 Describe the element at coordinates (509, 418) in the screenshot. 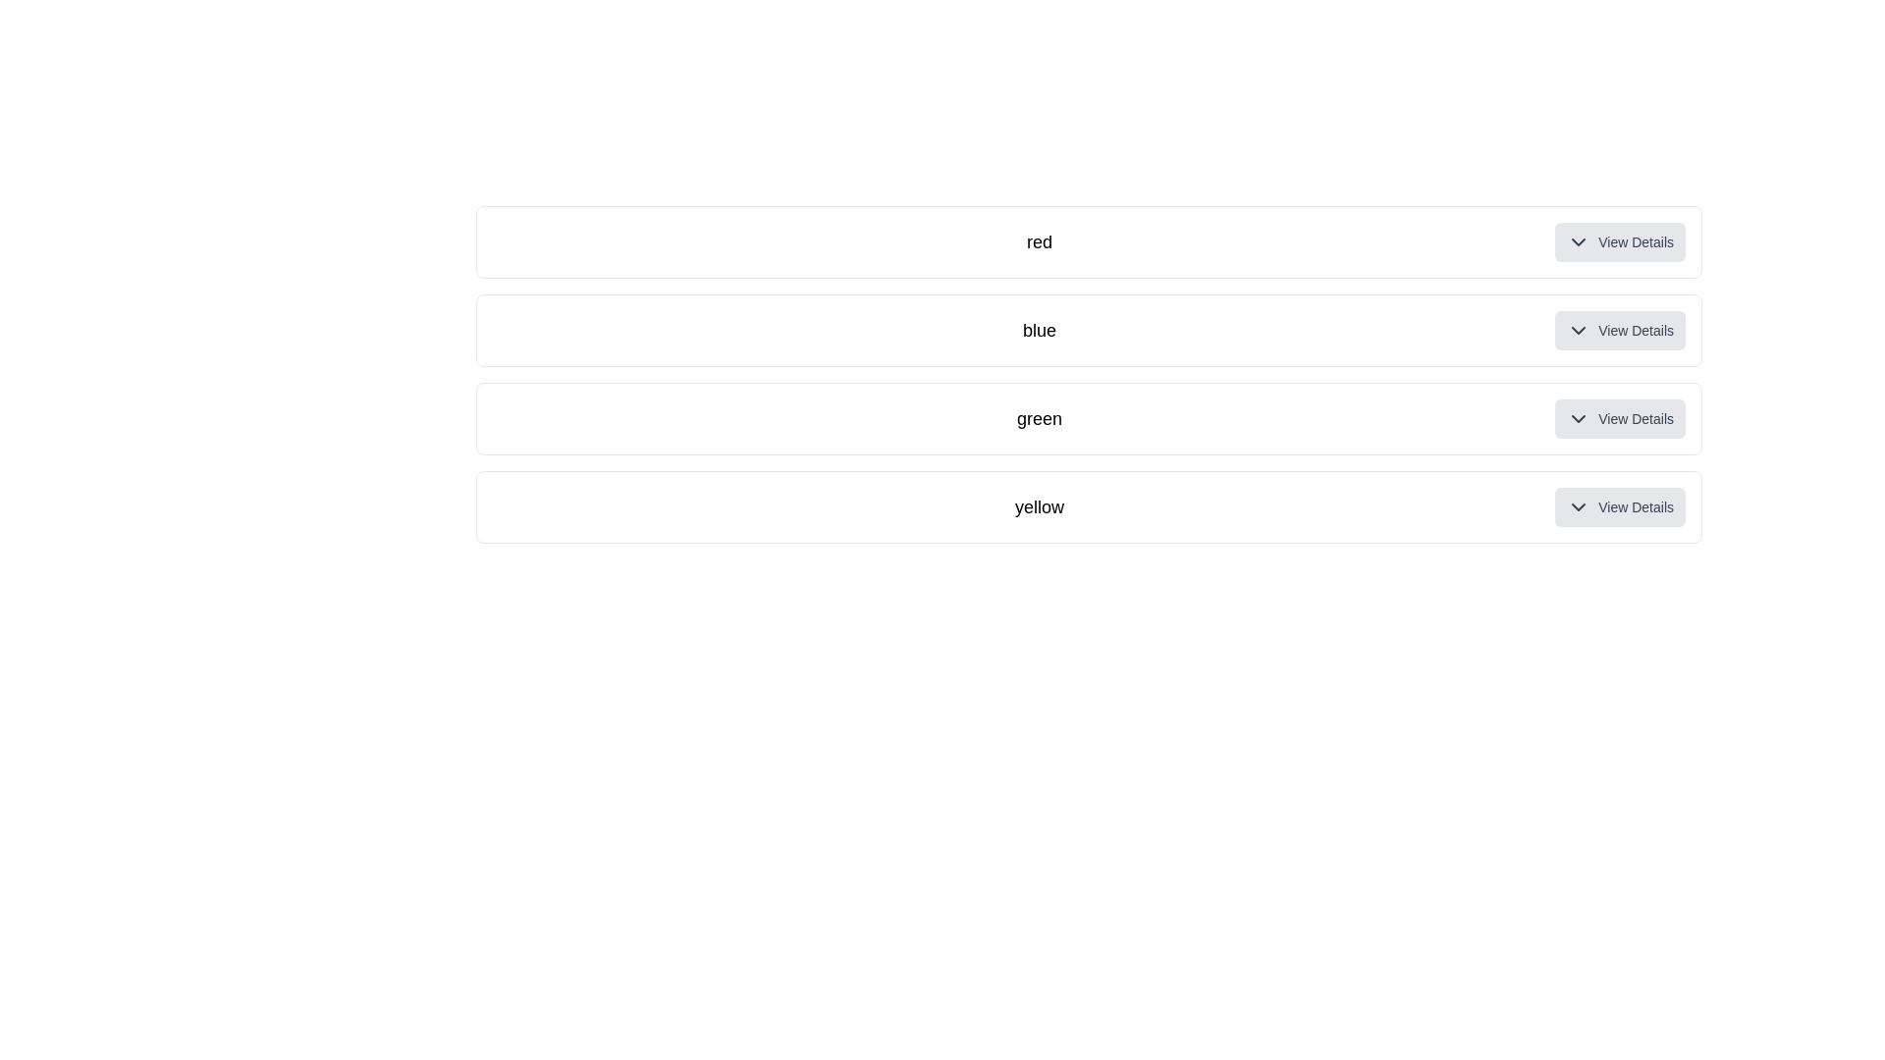

I see `the visual representation of the green color marker located in the third row, adjacent to the text 'green'` at that location.